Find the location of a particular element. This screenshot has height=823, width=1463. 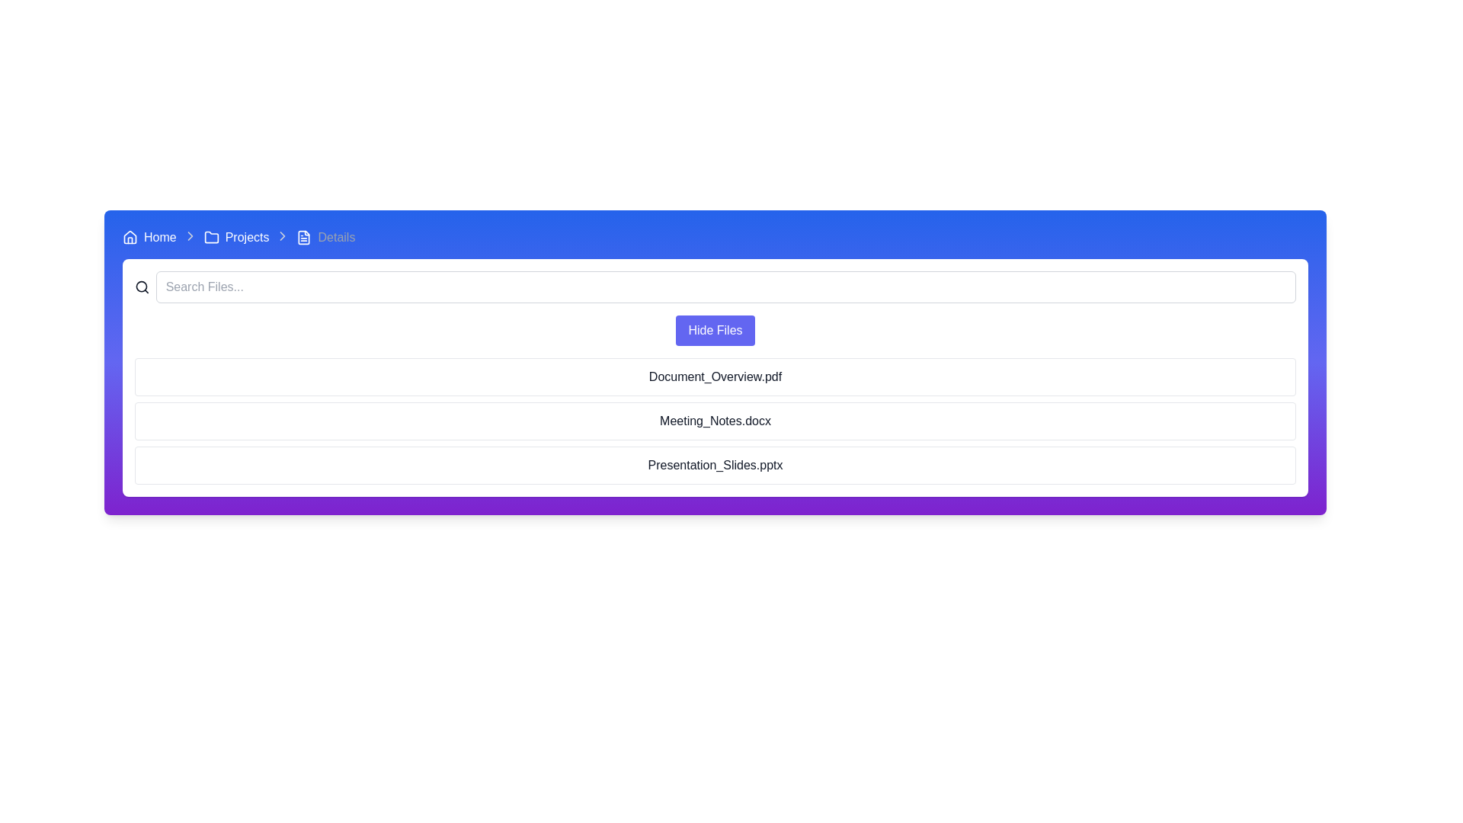

the navigation icon located at the far left of the navigation bar is located at coordinates (130, 238).